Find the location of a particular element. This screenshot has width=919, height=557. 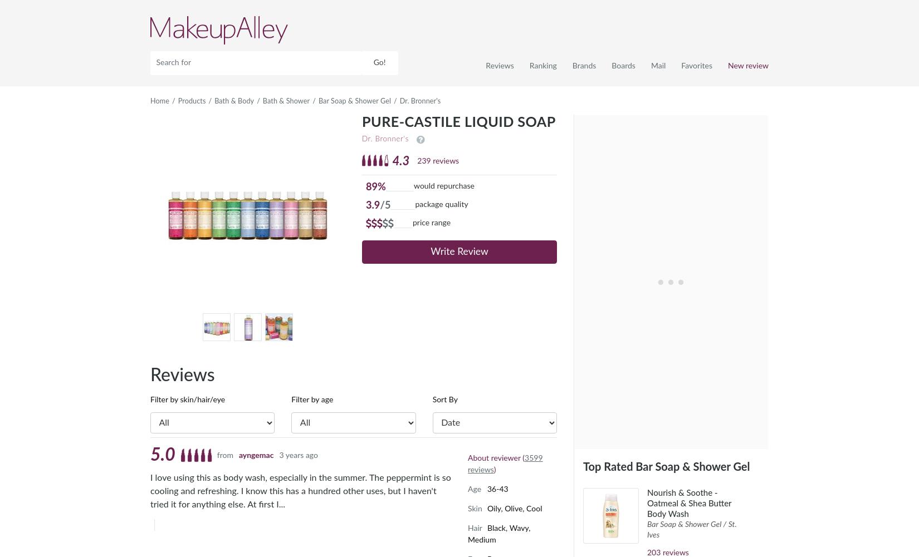

'Brands' is located at coordinates (584, 65).